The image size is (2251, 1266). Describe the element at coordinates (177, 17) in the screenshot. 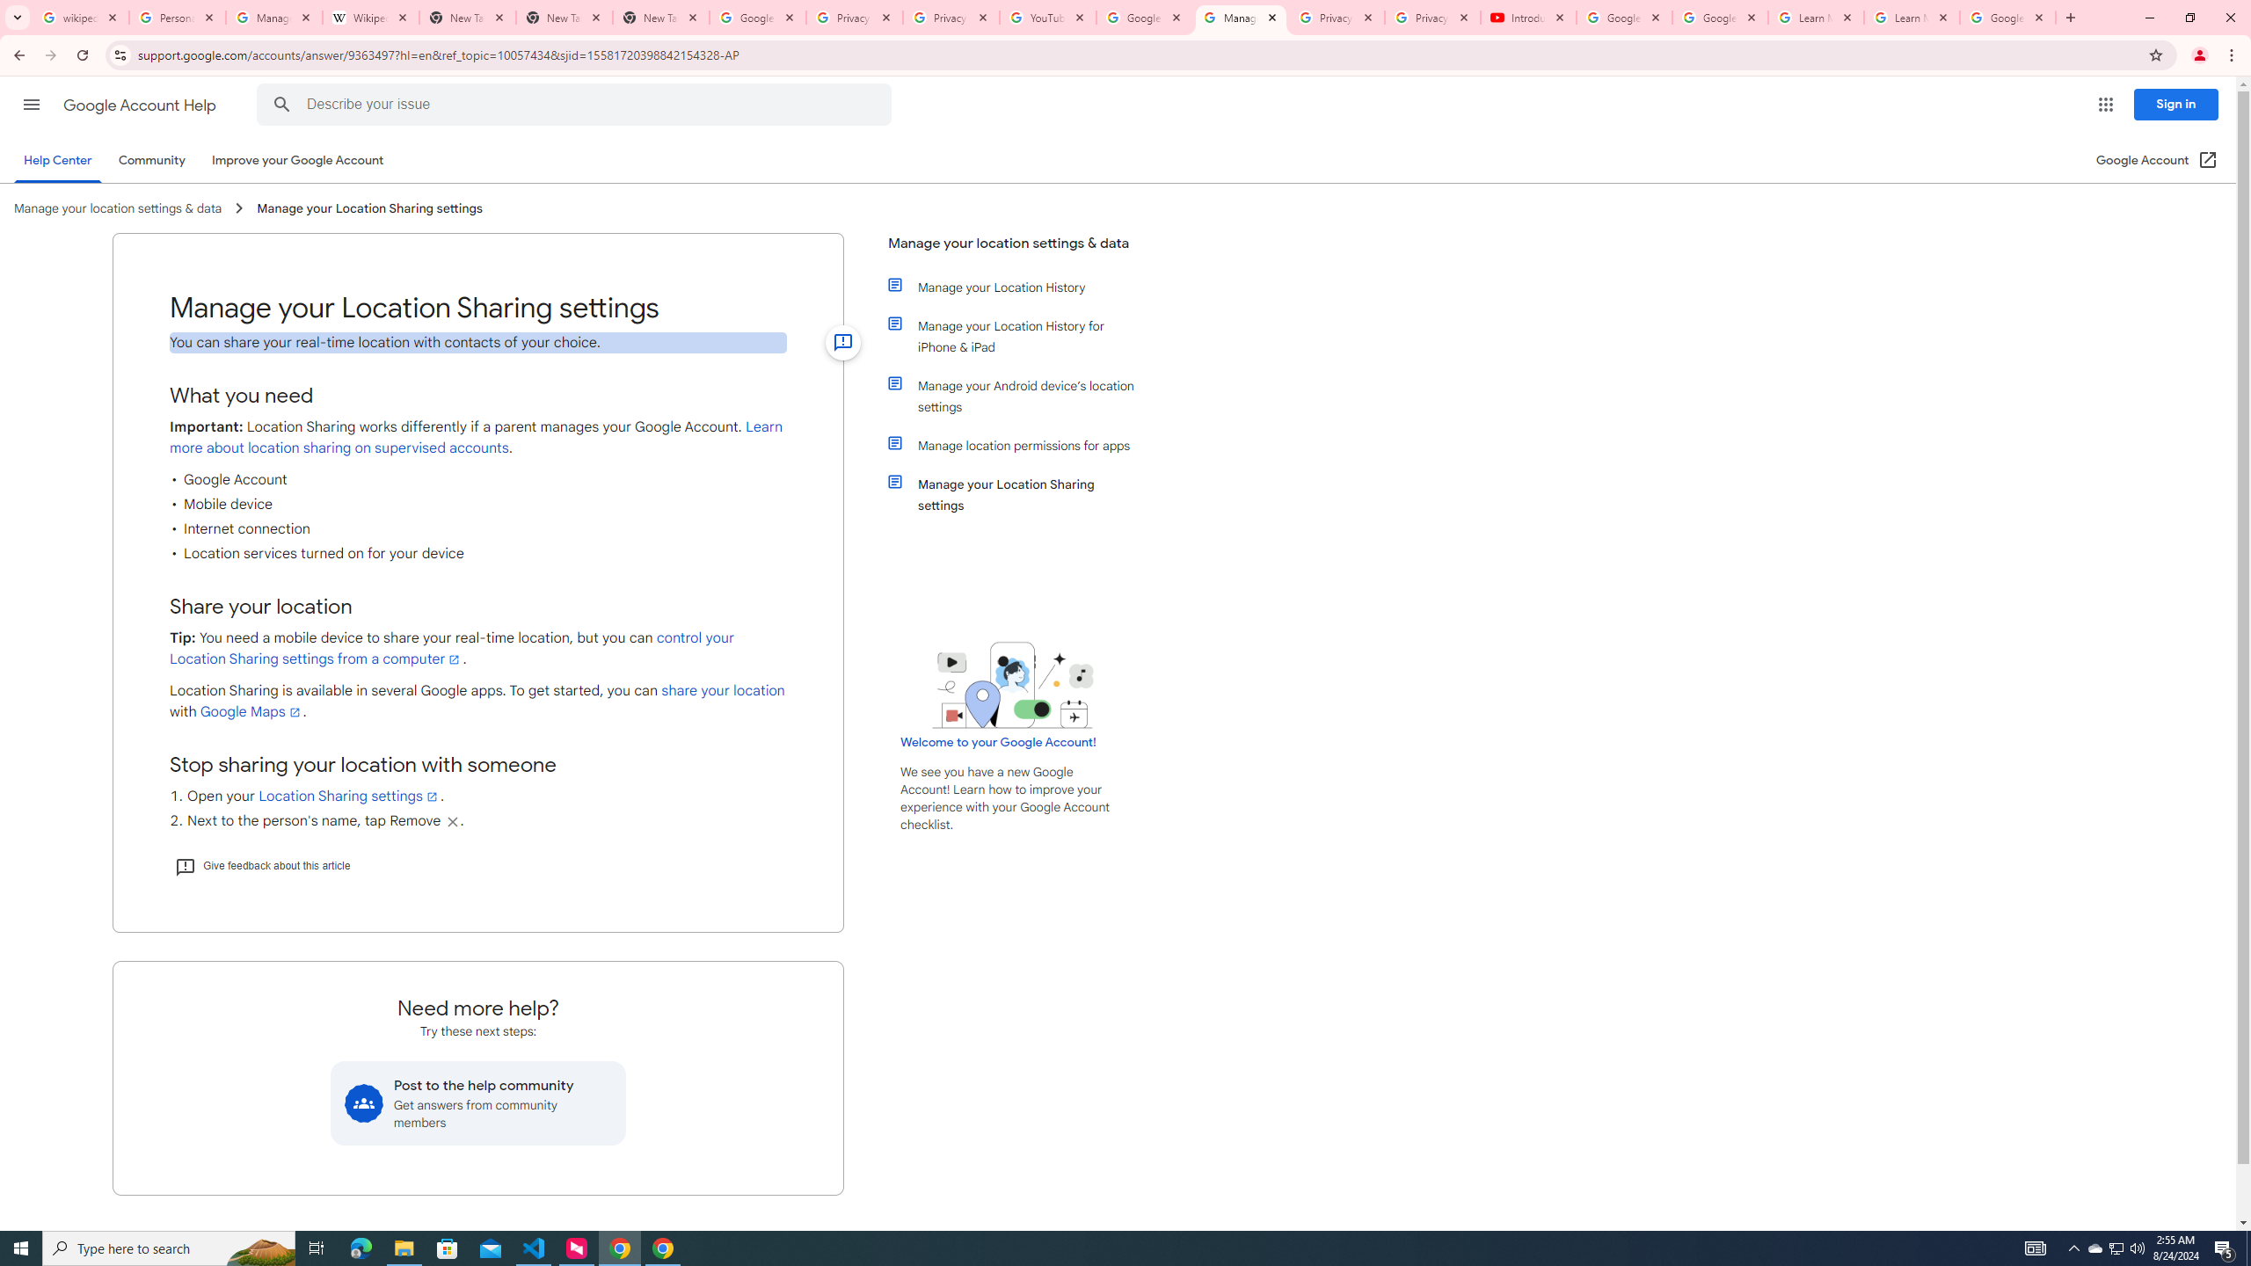

I see `'Personalization & Google Search results - Google Search Help'` at that location.